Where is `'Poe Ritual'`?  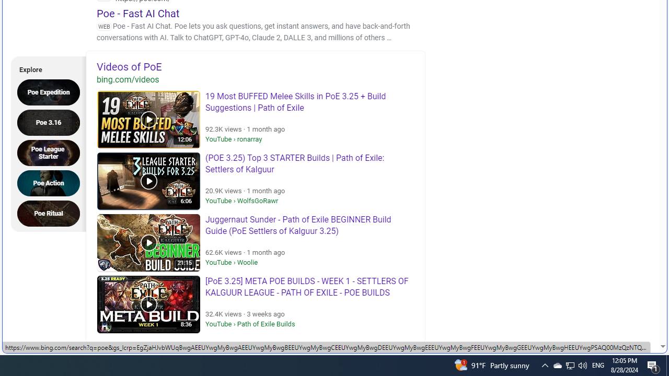 'Poe Ritual' is located at coordinates (51, 213).